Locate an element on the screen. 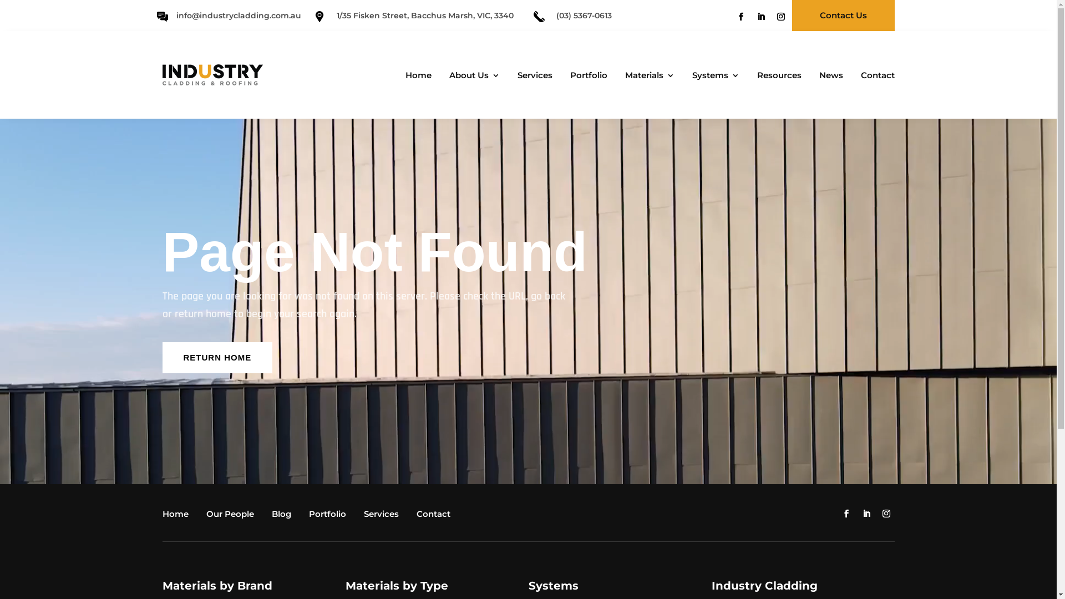 The image size is (1065, 599). 'Logo-Home-Transparent-181' is located at coordinates (212, 75).